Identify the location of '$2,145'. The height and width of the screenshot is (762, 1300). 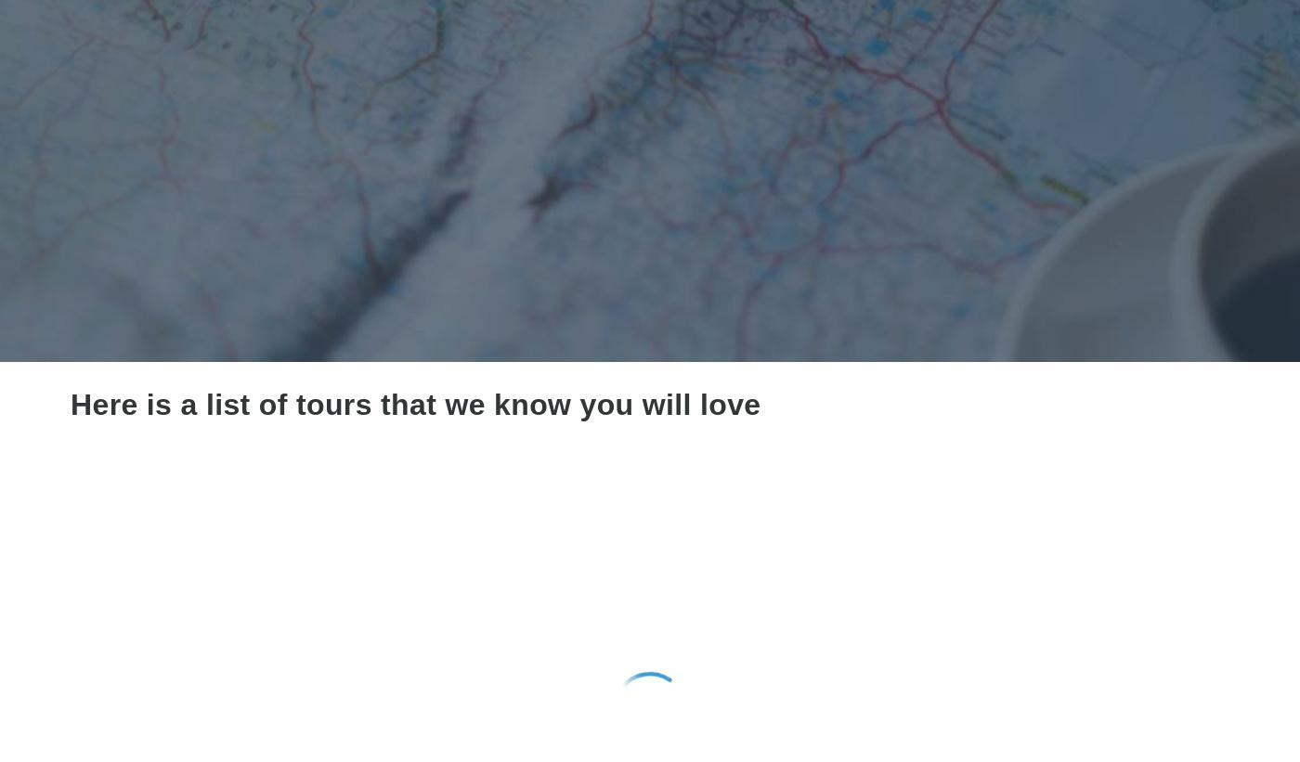
(188, 717).